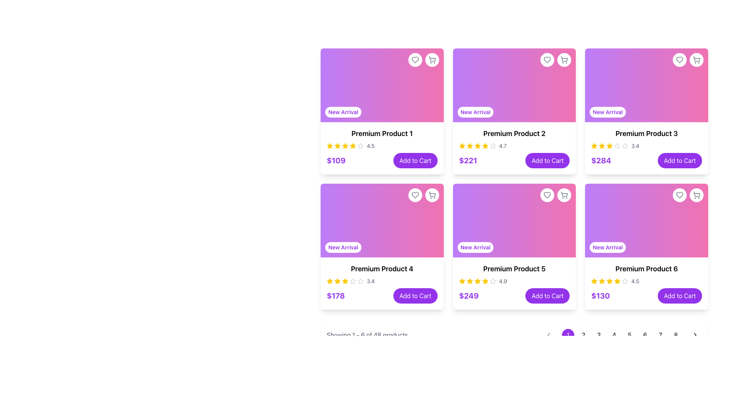 This screenshot has height=415, width=739. What do you see at coordinates (469, 146) in the screenshot?
I see `position of the second yellow star icon used for rating in the rating system of 'Premium Product 2', relative to the other stars` at bounding box center [469, 146].